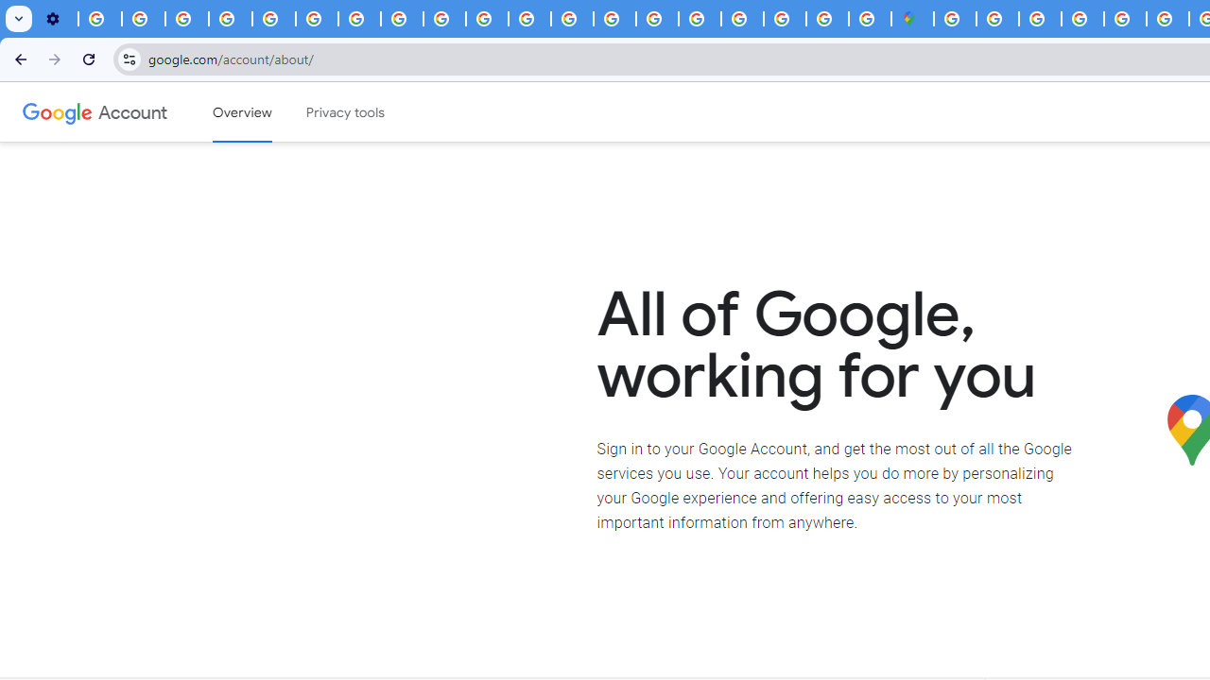  I want to click on 'Google Account', so click(131, 111).